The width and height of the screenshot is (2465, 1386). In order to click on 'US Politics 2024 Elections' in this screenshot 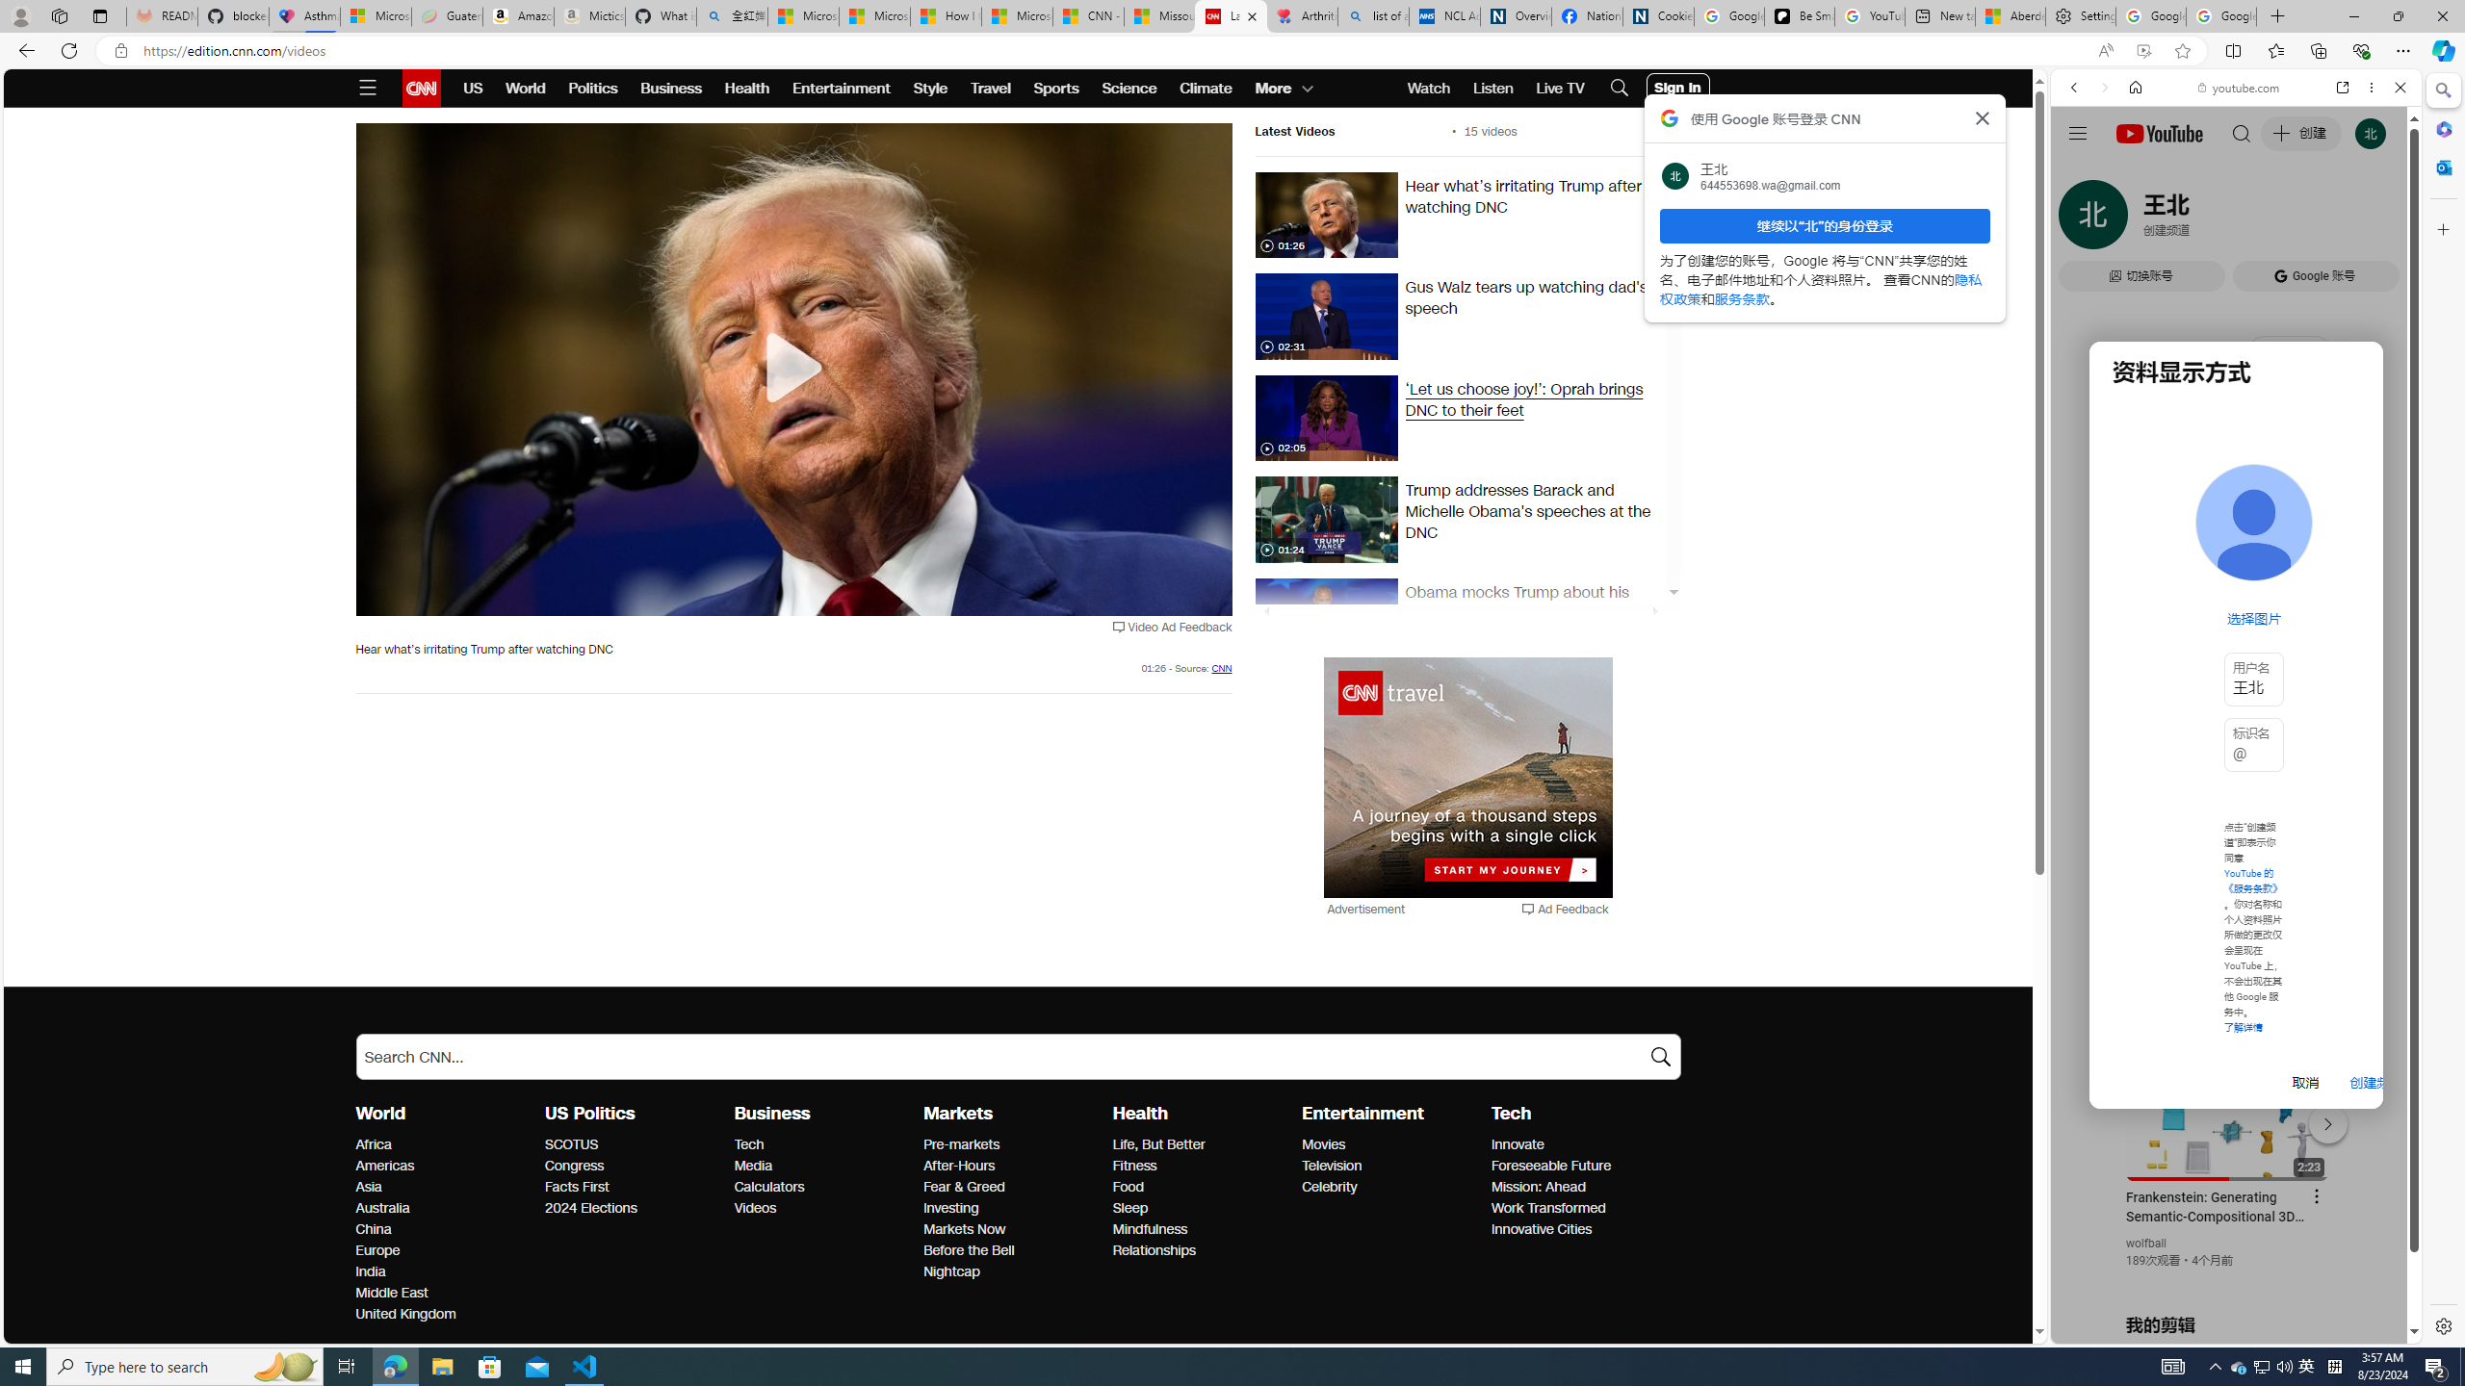, I will do `click(590, 1206)`.